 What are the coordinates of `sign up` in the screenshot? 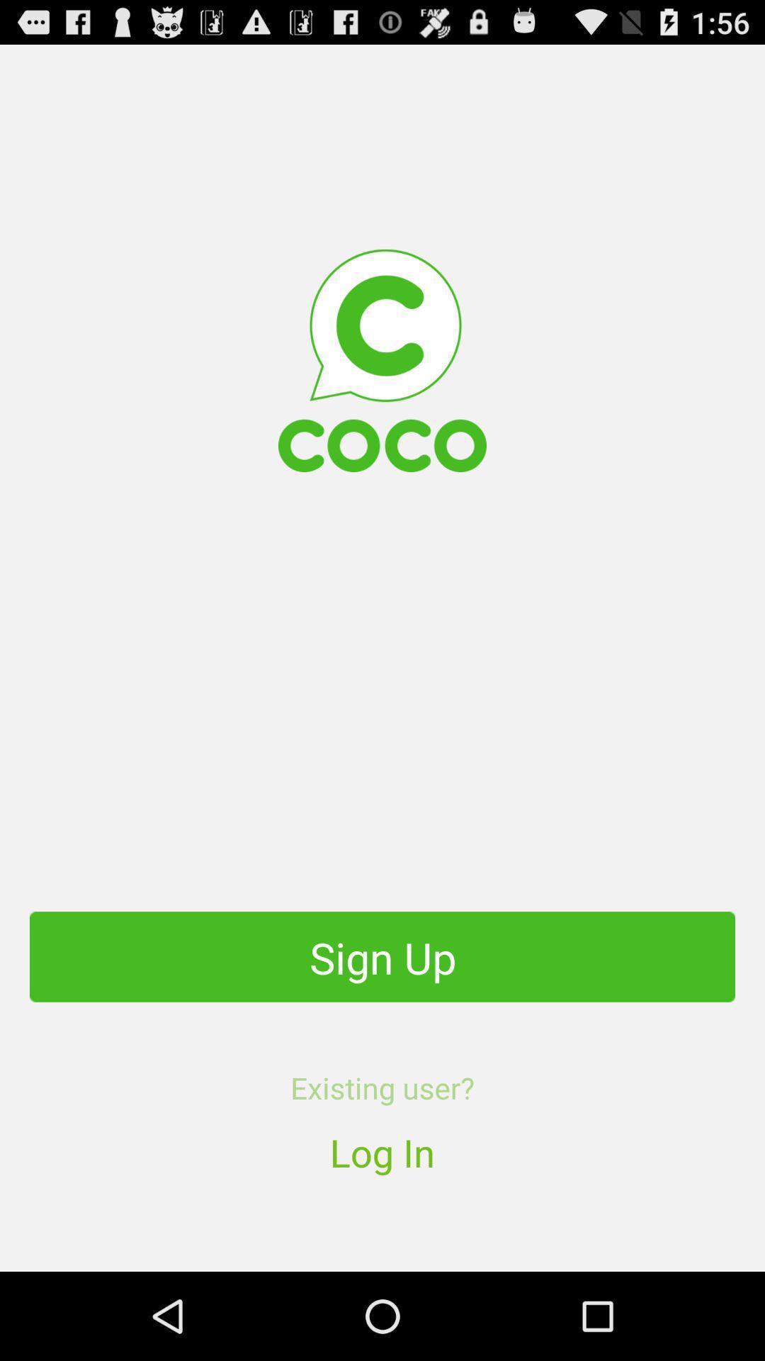 It's located at (382, 956).